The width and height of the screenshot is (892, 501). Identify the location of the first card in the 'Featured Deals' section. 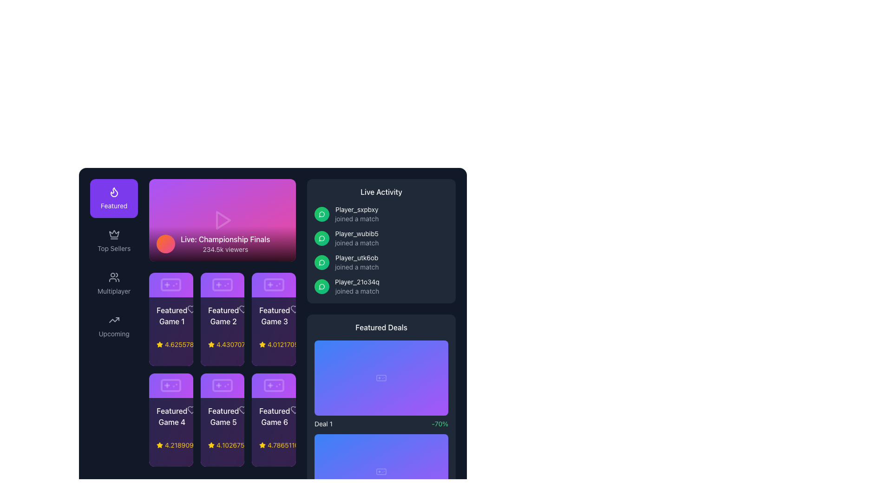
(381, 378).